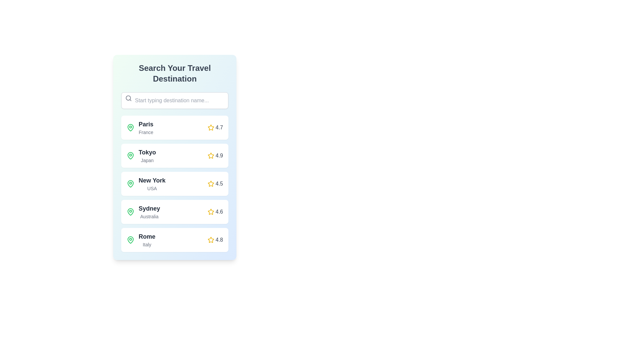 The width and height of the screenshot is (643, 361). I want to click on the first clickable list item containing 'Paris' and its rating of '4.7', so click(175, 127).